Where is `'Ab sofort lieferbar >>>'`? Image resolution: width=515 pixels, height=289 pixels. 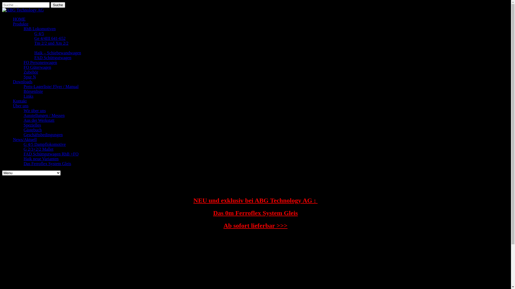
'Ab sofort lieferbar >>>' is located at coordinates (255, 226).